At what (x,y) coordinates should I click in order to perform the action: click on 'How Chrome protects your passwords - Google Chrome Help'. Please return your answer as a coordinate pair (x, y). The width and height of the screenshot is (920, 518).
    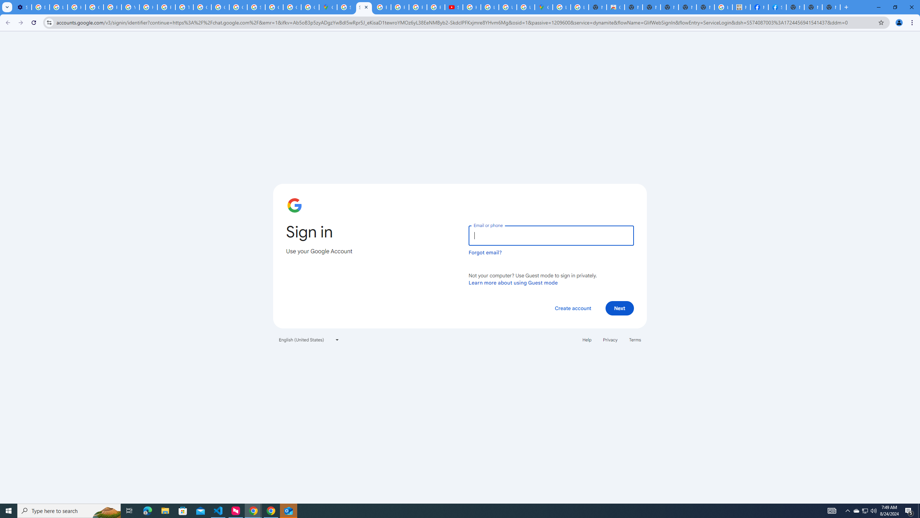
    Looking at the image, I should click on (471, 7).